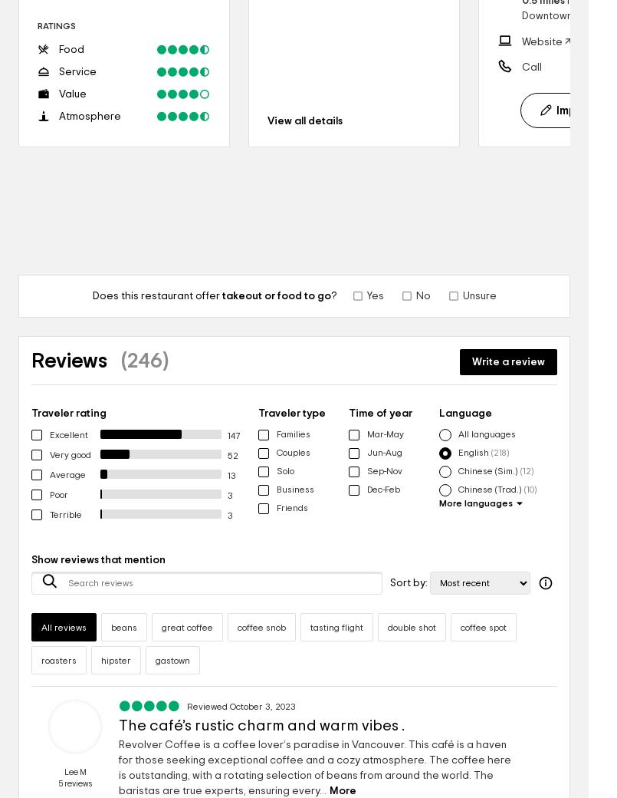  I want to click on 'beans', so click(123, 626).